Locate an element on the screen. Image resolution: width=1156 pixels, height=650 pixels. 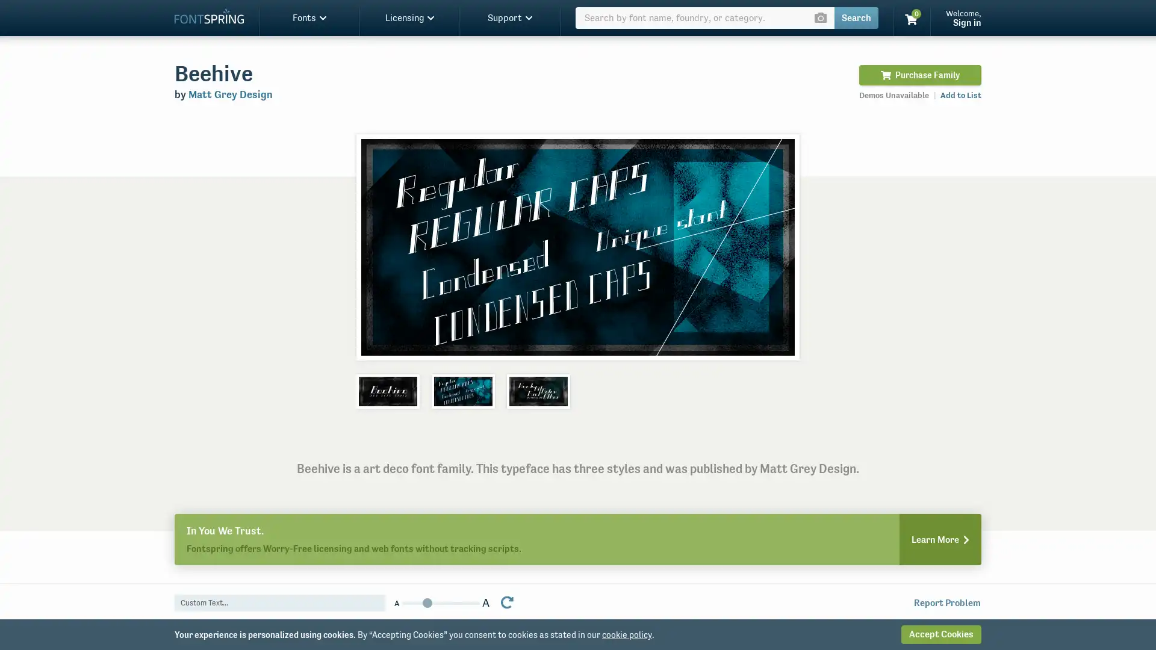
Search is located at coordinates (856, 18).